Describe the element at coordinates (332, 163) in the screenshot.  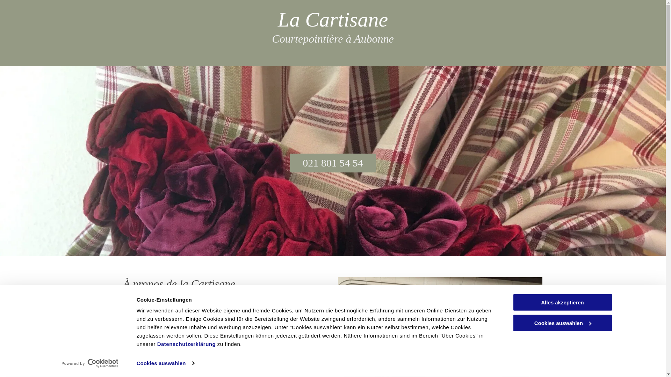
I see `'021 801 54 54'` at that location.